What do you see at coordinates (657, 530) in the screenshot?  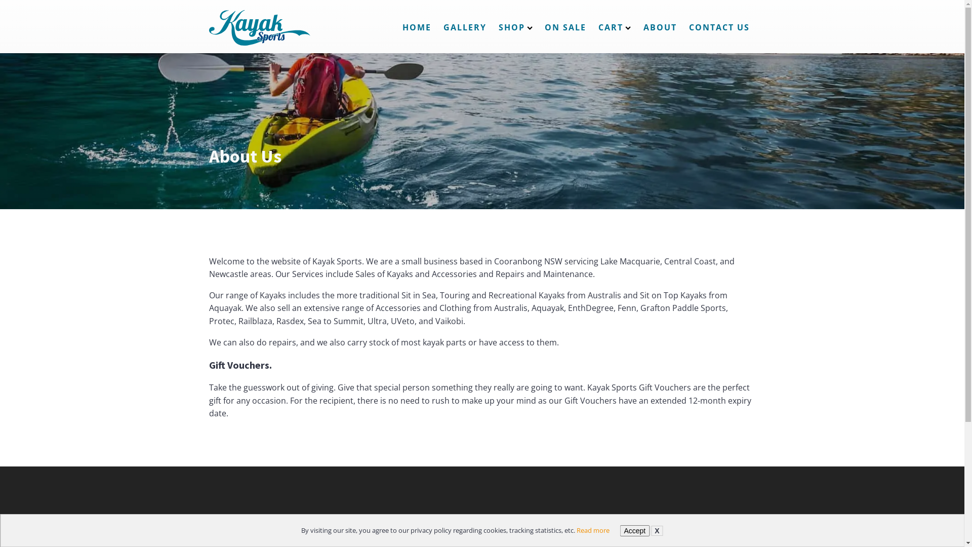 I see `'X'` at bounding box center [657, 530].